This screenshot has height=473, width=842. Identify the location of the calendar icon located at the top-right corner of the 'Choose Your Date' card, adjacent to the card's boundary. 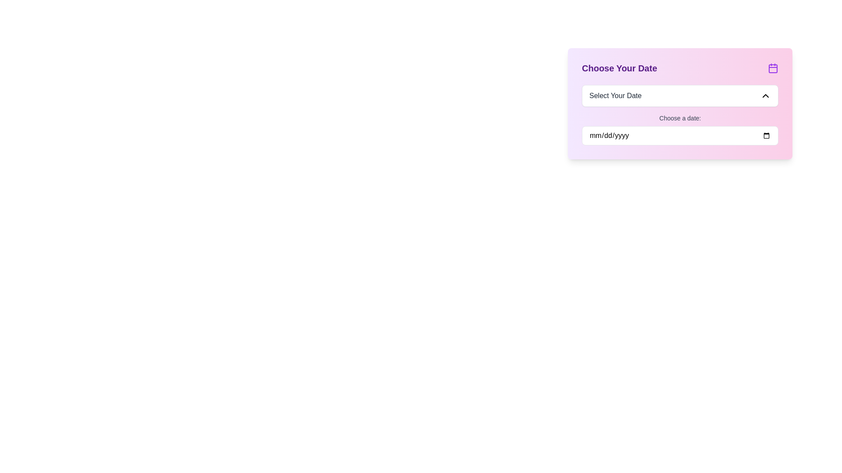
(773, 67).